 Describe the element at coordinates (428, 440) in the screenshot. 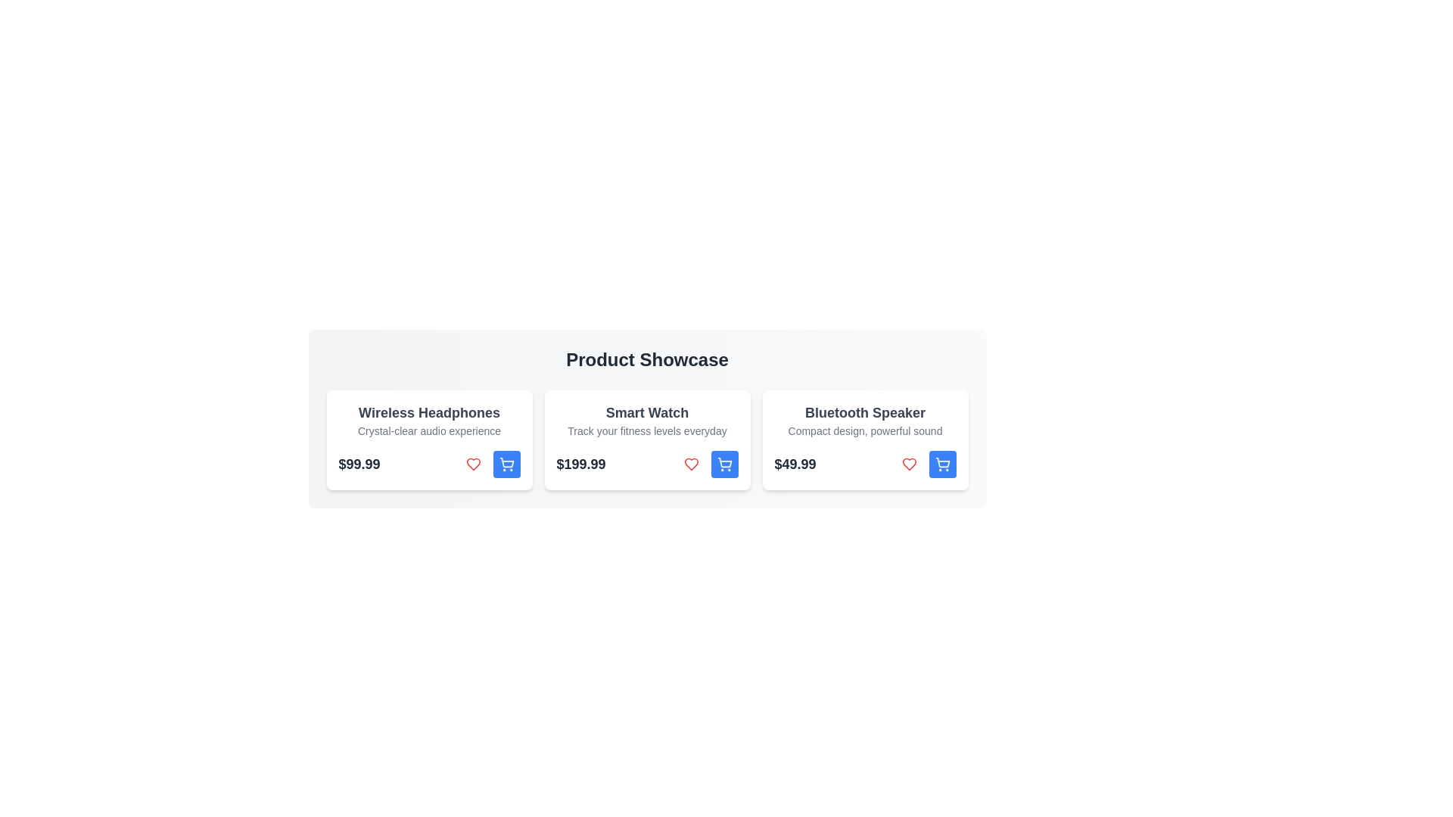

I see `the product card for Wireless Headphones to view its details` at that location.